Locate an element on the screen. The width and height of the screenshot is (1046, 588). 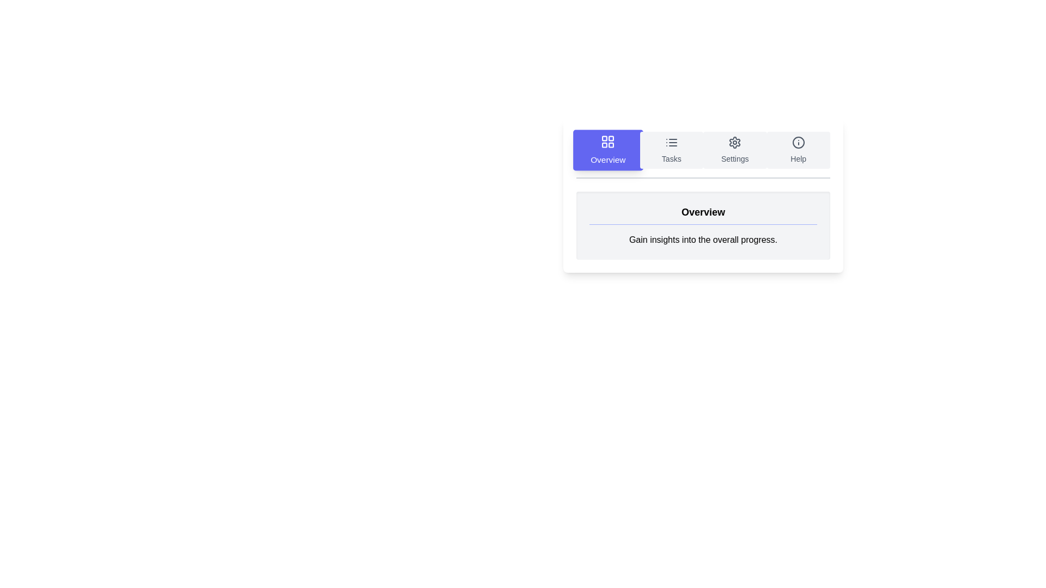
the Settings tab by clicking on its button is located at coordinates (735, 150).